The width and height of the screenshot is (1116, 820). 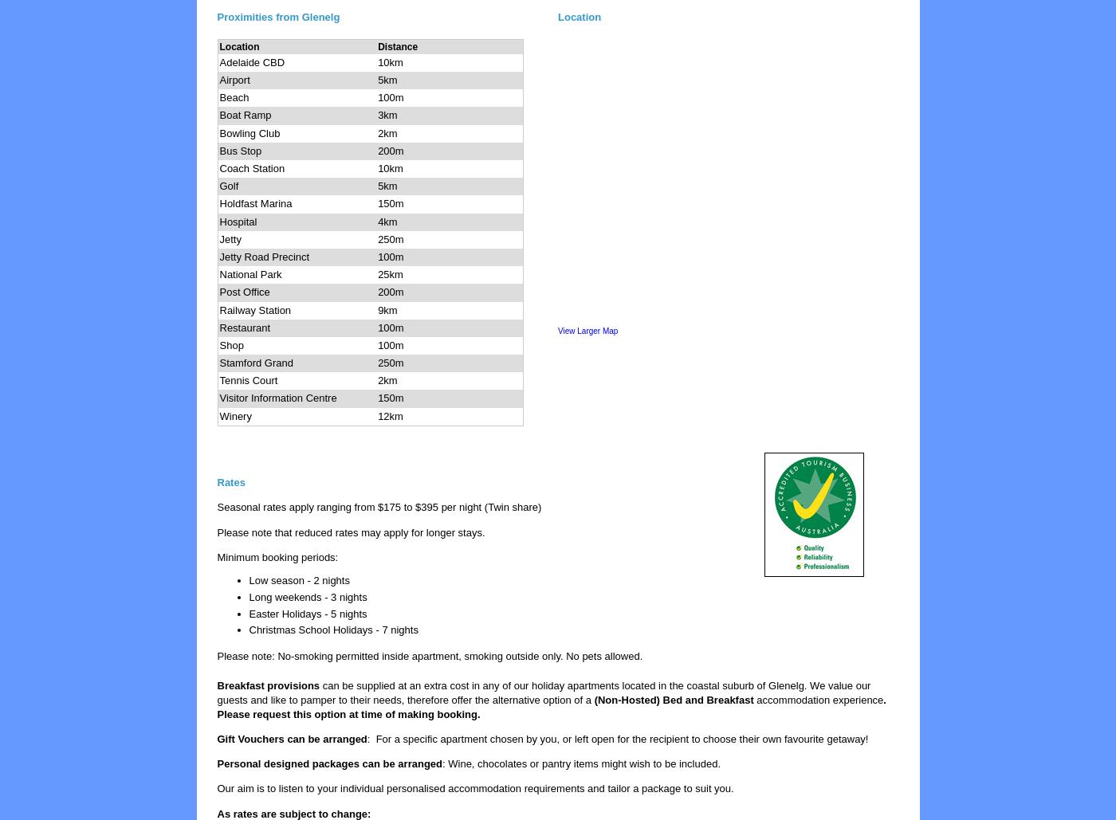 I want to click on 'Visitor    Information Centre', so click(x=218, y=398).